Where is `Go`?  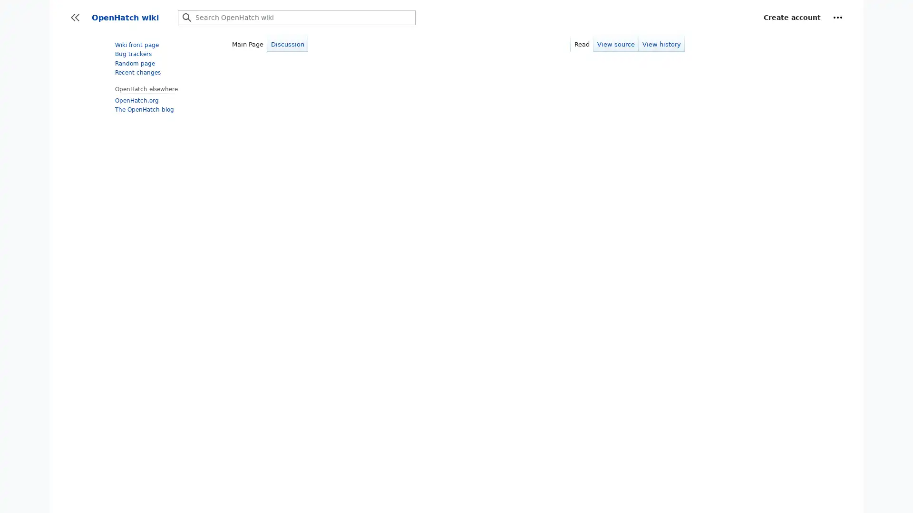
Go is located at coordinates (187, 18).